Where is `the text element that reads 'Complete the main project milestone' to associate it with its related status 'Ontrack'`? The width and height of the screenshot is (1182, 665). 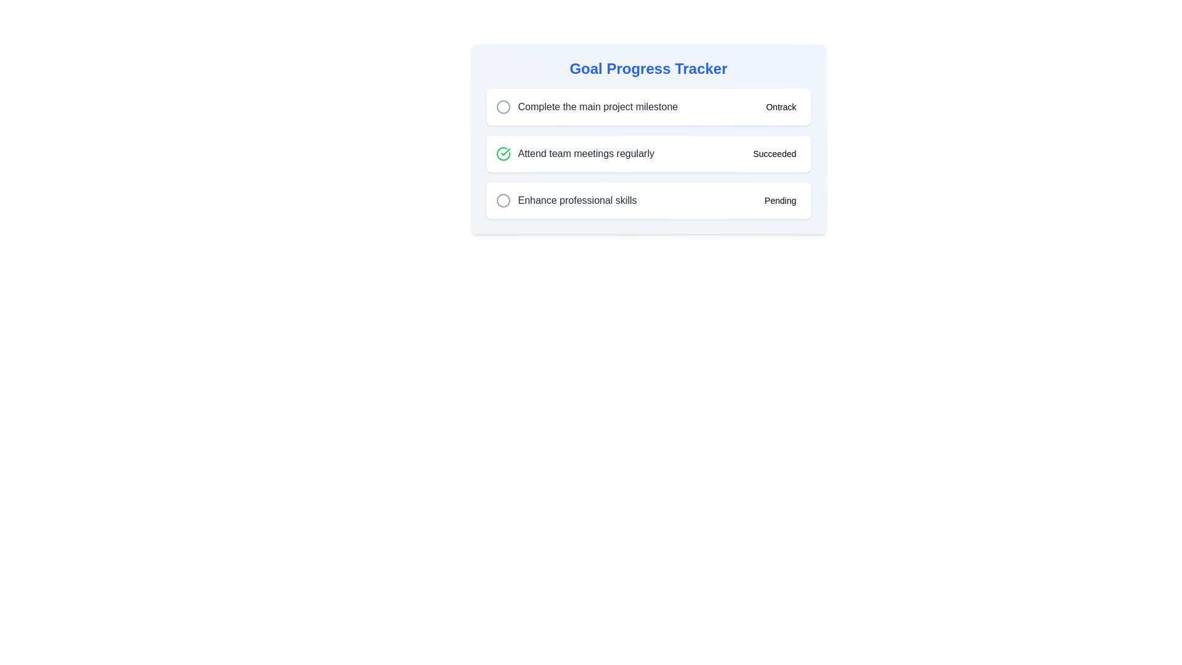 the text element that reads 'Complete the main project milestone' to associate it with its related status 'Ontrack' is located at coordinates (586, 106).